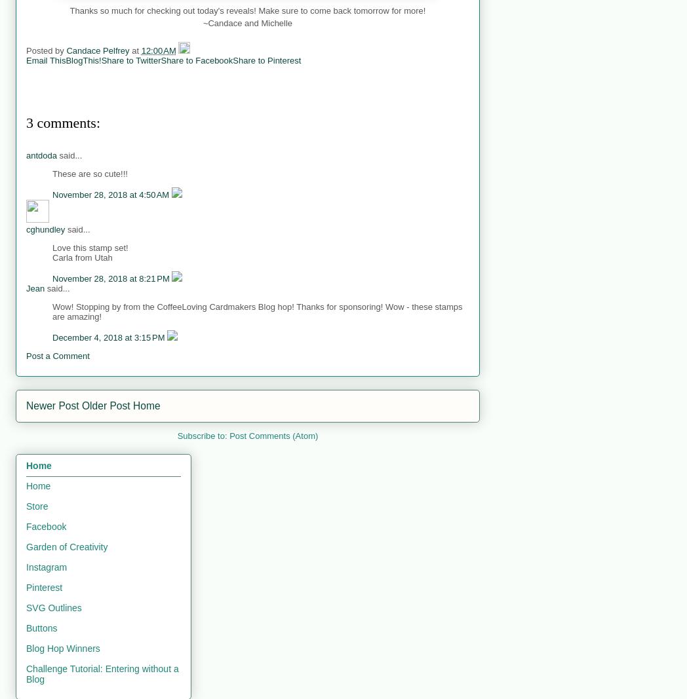  I want to click on 'Instagram', so click(46, 566).